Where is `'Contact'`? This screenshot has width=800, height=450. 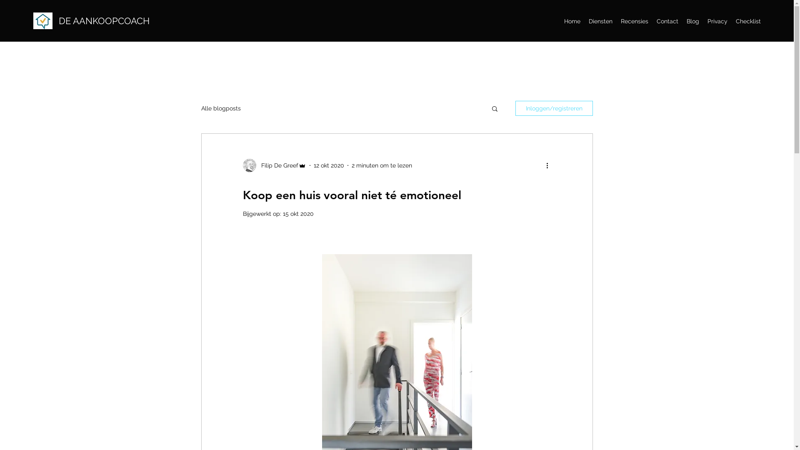 'Contact' is located at coordinates (667, 20).